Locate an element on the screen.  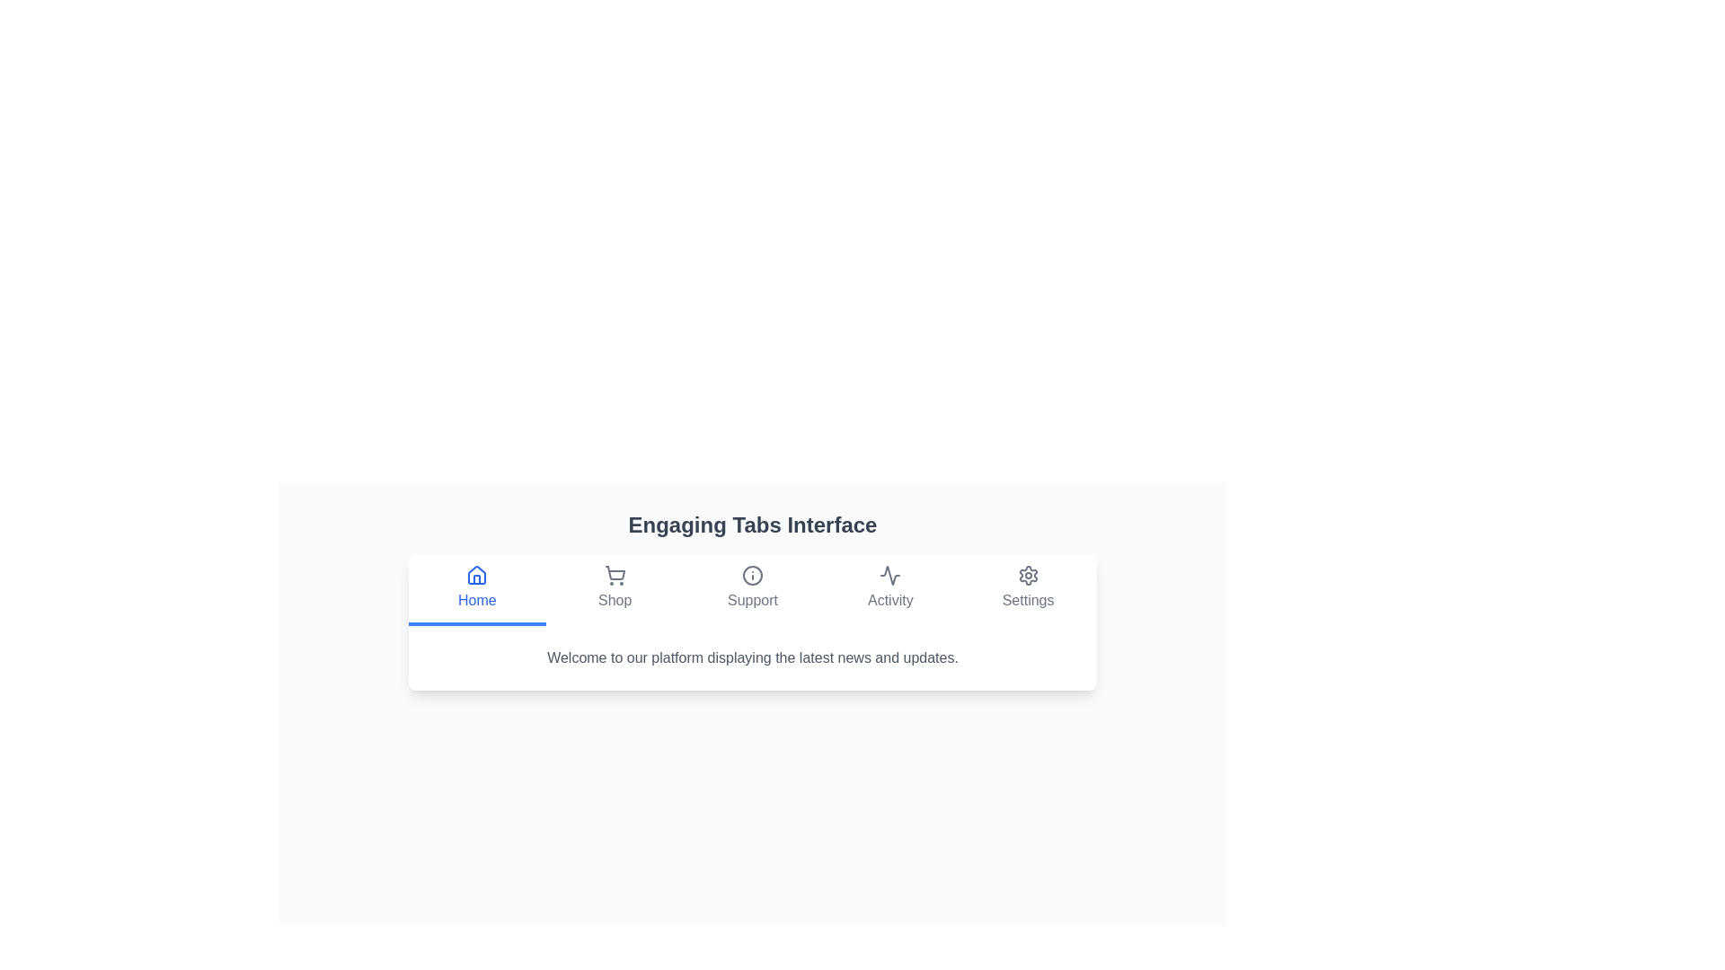
the door icon within the 'Home' section of the navigation area, specifically targeting the leftmost tab of the navigation bar is located at coordinates (477, 579).